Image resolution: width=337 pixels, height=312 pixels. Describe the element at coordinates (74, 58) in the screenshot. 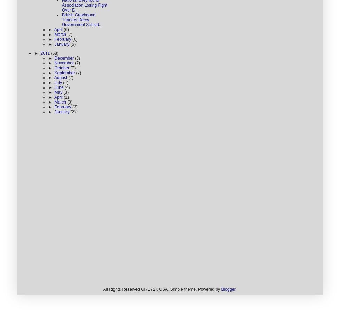

I see `'(8)'` at that location.